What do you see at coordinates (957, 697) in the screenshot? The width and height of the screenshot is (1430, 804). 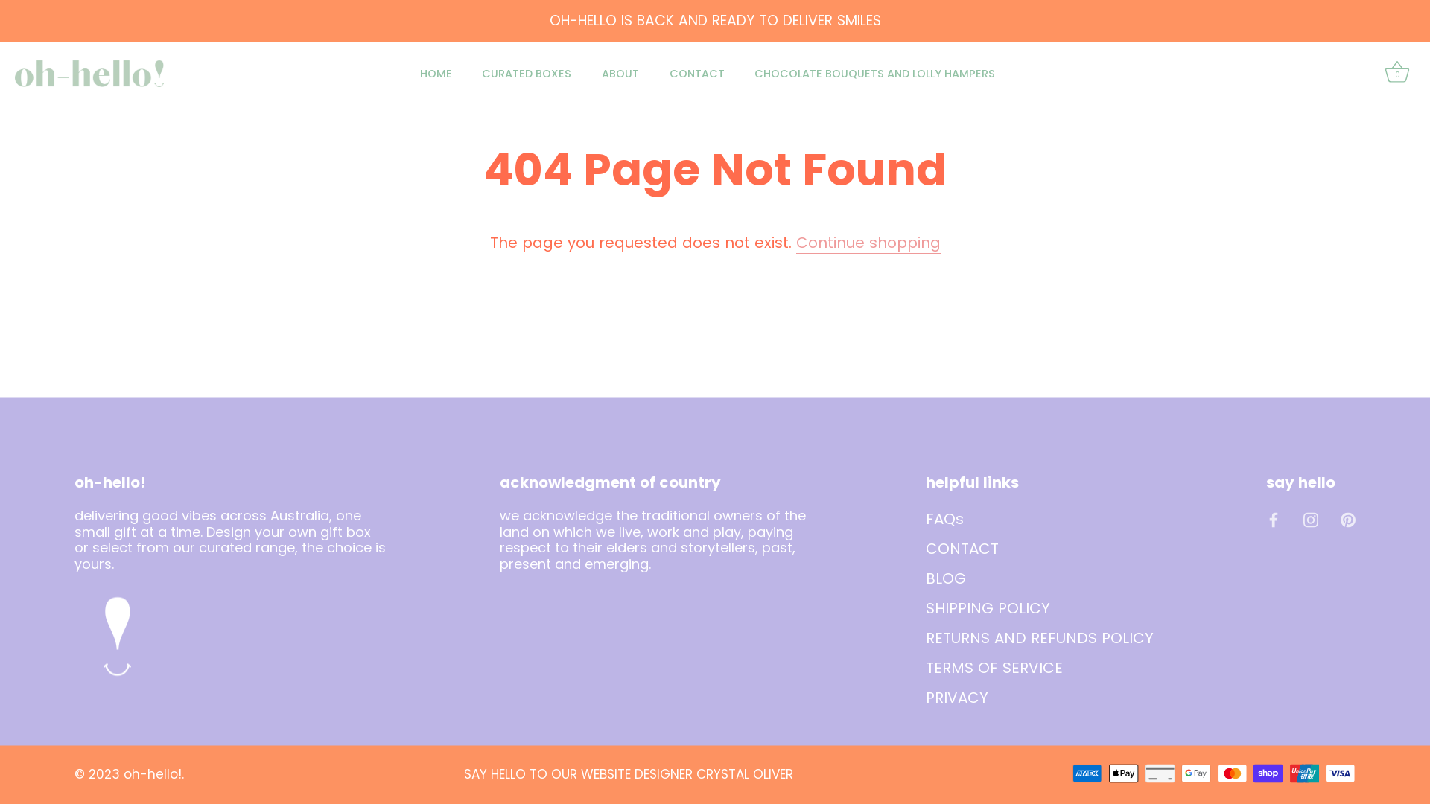 I see `'PRIVACY'` at bounding box center [957, 697].